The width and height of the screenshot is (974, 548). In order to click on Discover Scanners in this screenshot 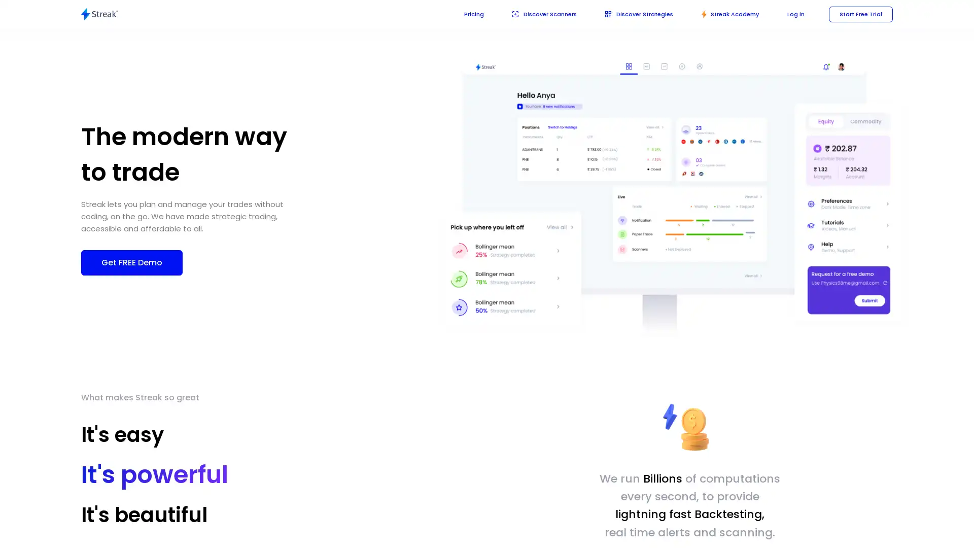, I will do `click(531, 14)`.